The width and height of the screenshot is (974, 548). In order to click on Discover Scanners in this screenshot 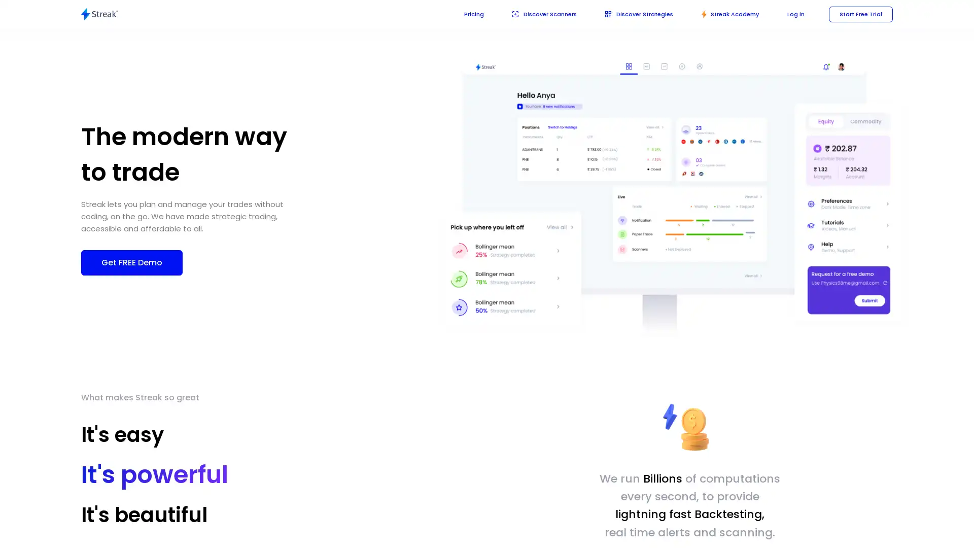, I will do `click(531, 14)`.